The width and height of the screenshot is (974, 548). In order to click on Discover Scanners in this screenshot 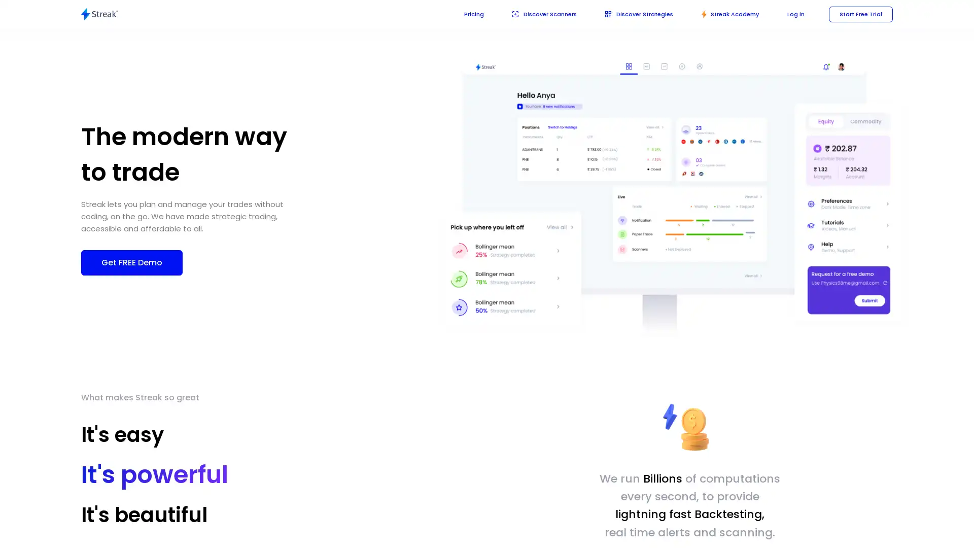, I will do `click(531, 14)`.